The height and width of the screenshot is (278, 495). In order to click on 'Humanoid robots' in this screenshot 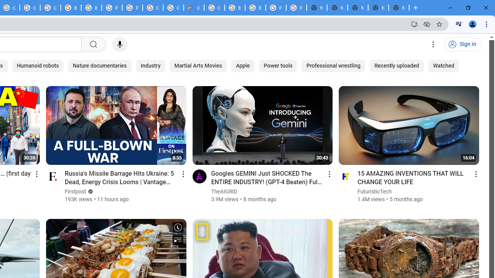, I will do `click(37, 66)`.